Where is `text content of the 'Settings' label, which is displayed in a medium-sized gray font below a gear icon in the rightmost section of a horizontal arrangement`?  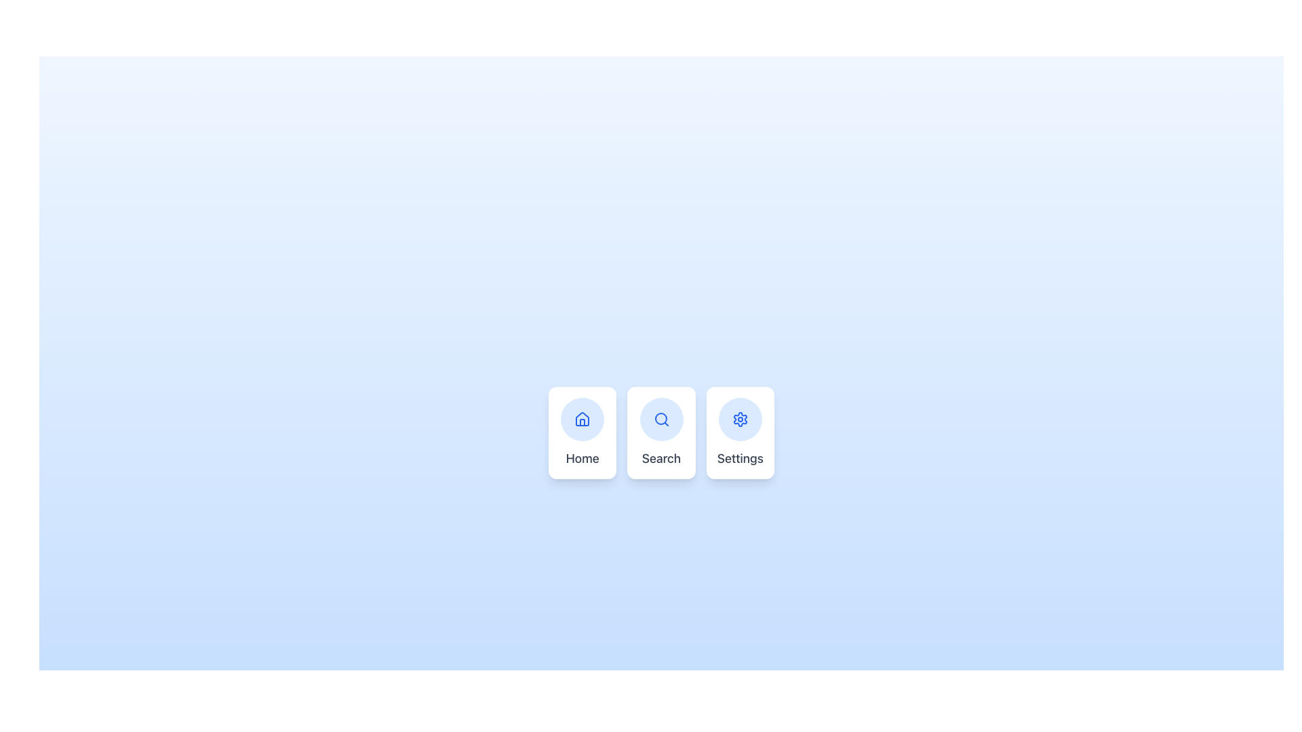
text content of the 'Settings' label, which is displayed in a medium-sized gray font below a gear icon in the rightmost section of a horizontal arrangement is located at coordinates (739, 458).